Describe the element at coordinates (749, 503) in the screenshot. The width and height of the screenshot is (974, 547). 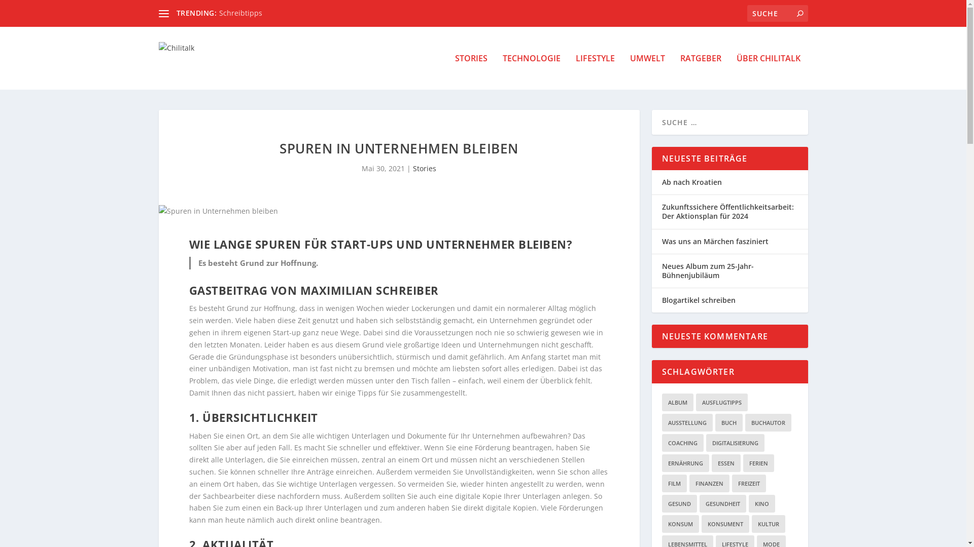
I see `'KINO'` at that location.